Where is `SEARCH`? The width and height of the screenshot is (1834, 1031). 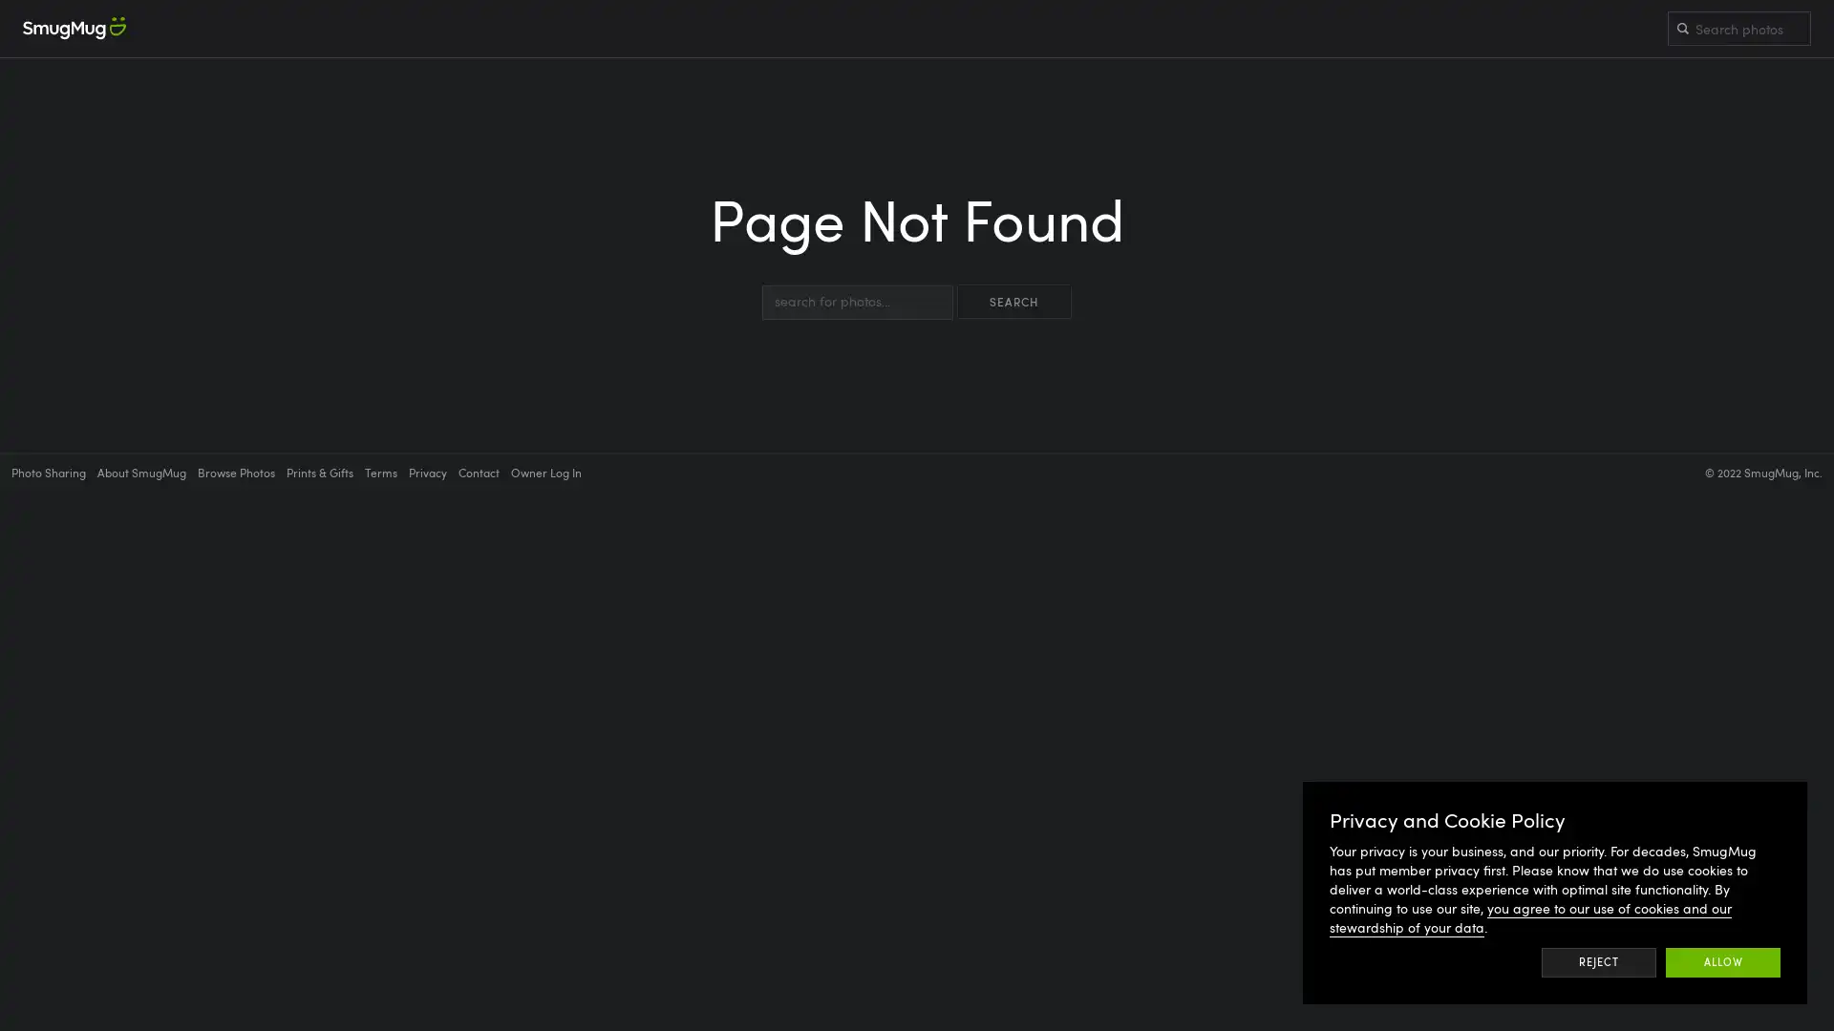
SEARCH is located at coordinates (1013, 301).